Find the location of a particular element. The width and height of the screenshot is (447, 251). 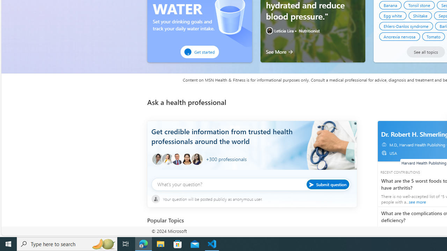

'Shiitake' is located at coordinates (420, 16).